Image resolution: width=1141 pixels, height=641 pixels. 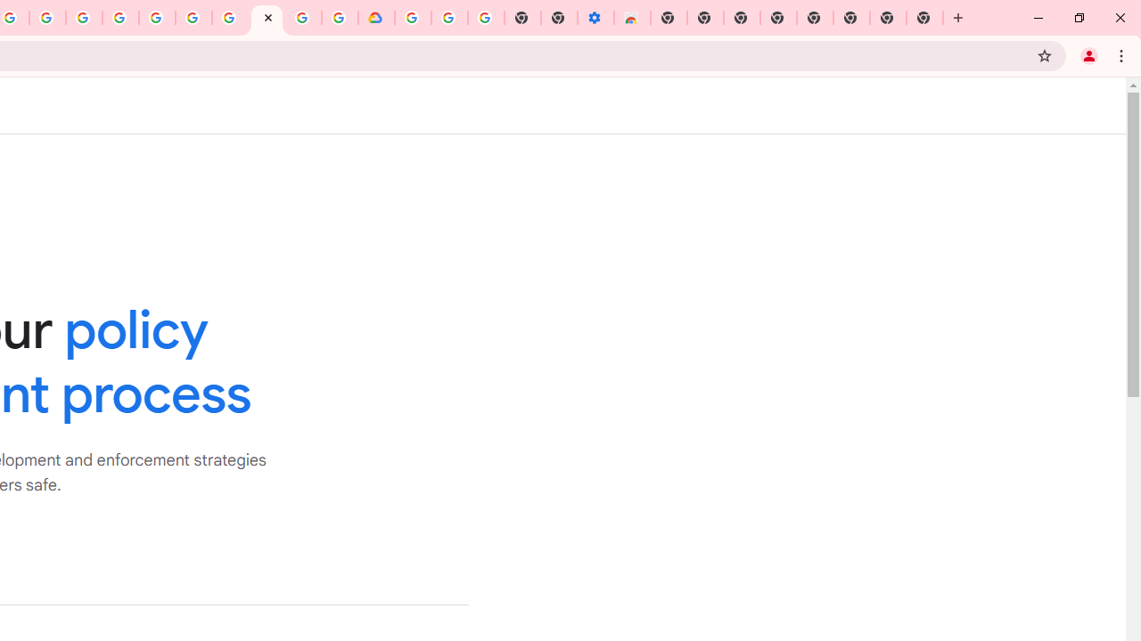 I want to click on 'Turn cookies on or off - Computer - Google Account Help', so click(x=486, y=18).